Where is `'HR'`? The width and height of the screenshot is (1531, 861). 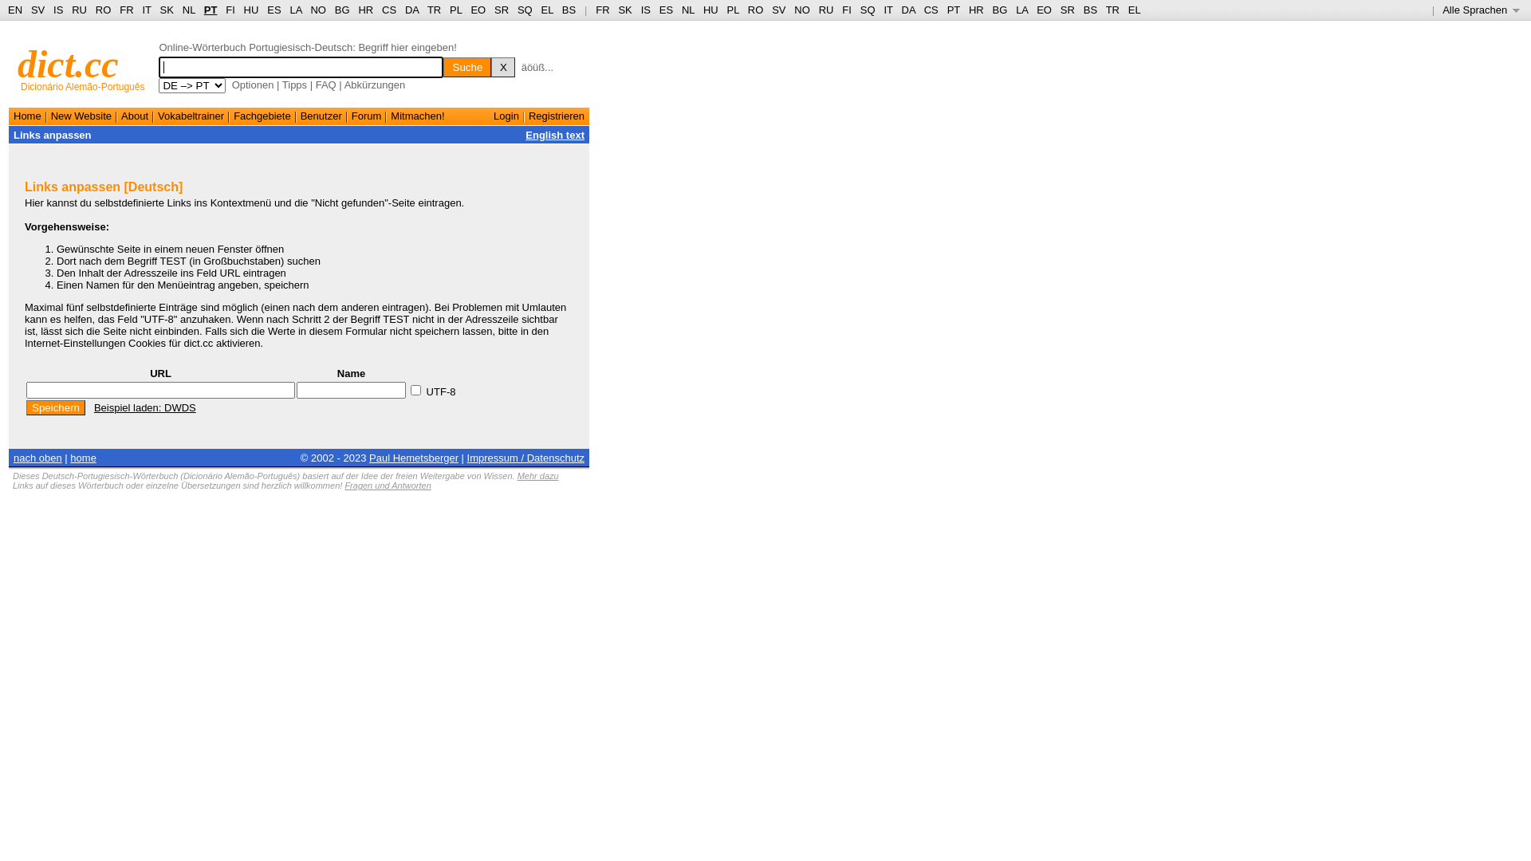 'HR' is located at coordinates (364, 10).